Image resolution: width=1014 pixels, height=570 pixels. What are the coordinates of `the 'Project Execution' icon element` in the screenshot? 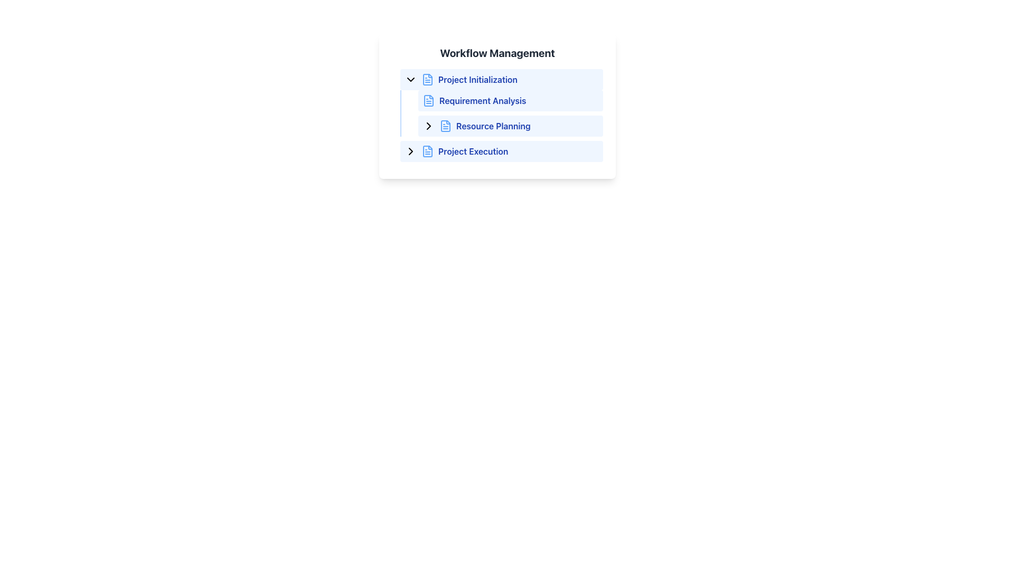 It's located at (428, 151).